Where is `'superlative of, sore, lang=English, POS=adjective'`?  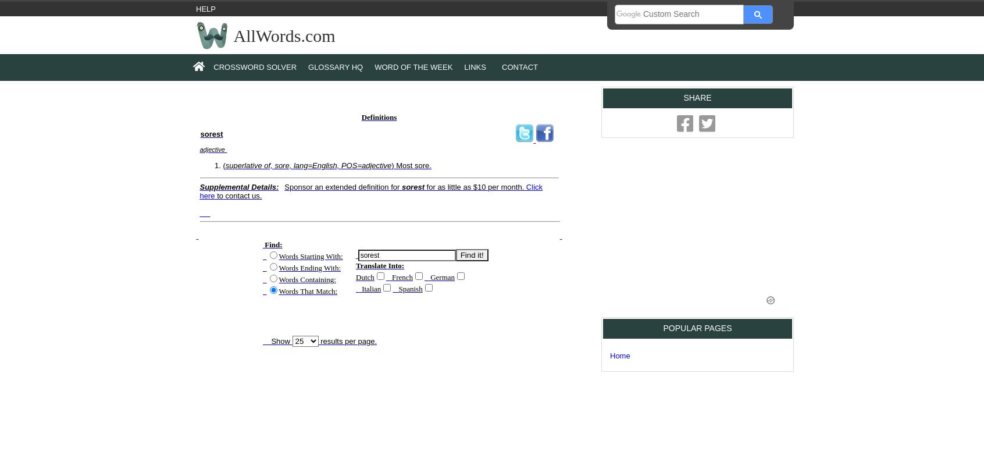
'superlative of, sore, lang=English, POS=adjective' is located at coordinates (308, 165).